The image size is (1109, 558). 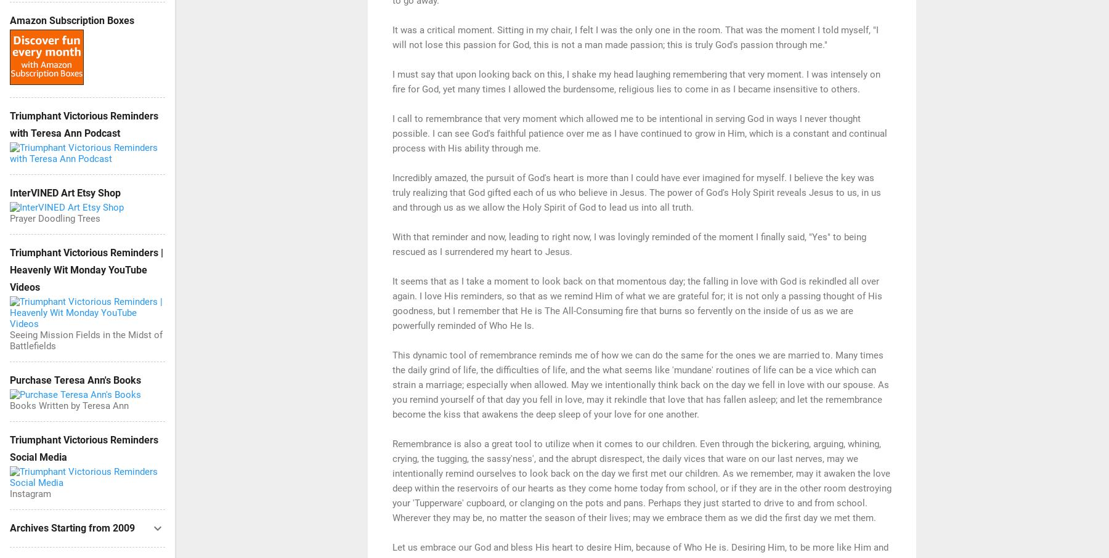 I want to click on 'It seems that as I take a moment to look back on that momentous day; the falling in love with God is rekindled all over again.  I love His reminders, so that as we remind Him of what we are grateful for; it is not only a passing thought of His goodness, but I remember that He is The All-Consuming fire that burns so fervently on the inside of us as we are powerfully reminded of Who He Is.', so click(x=637, y=302).